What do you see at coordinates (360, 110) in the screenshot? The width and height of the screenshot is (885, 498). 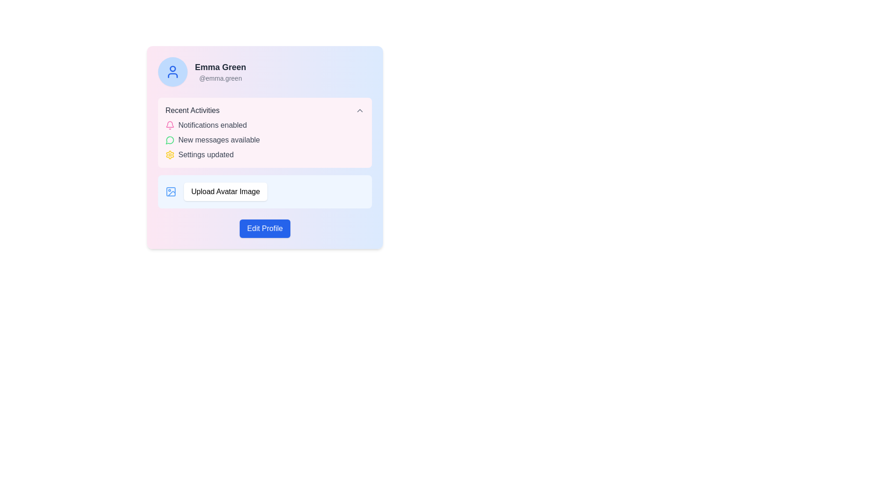 I see `the chevron of the Dropdown toggle button located to the right of the 'Recent Activities' title by moving the mouse to its center point` at bounding box center [360, 110].